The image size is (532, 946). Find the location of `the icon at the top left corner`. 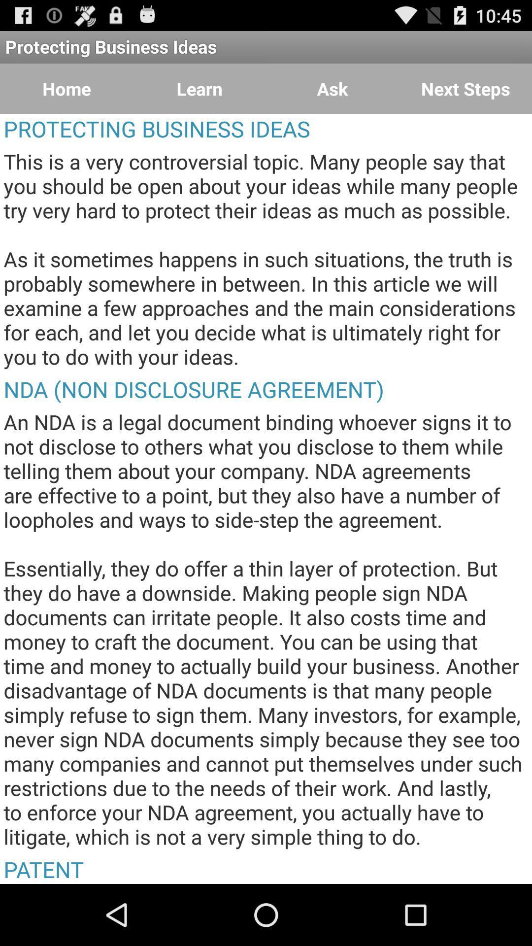

the icon at the top left corner is located at coordinates (66, 89).